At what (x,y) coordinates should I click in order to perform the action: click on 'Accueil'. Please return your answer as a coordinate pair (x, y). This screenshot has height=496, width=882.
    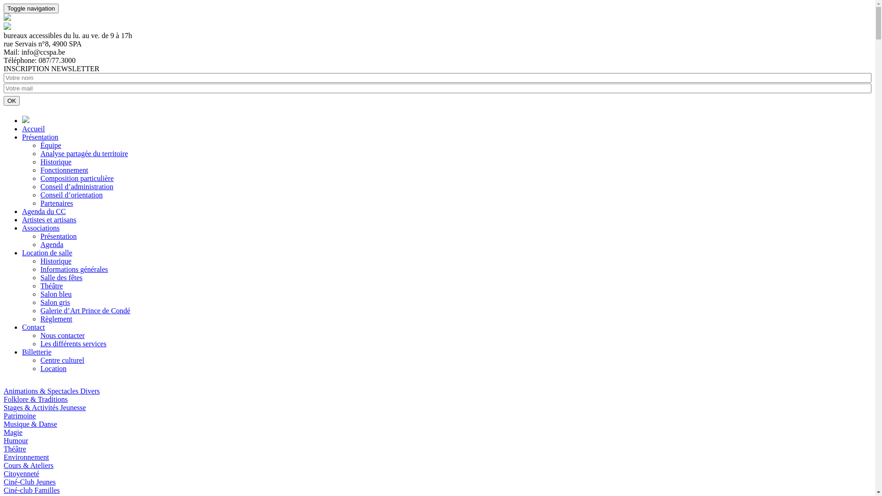
    Looking at the image, I should click on (33, 129).